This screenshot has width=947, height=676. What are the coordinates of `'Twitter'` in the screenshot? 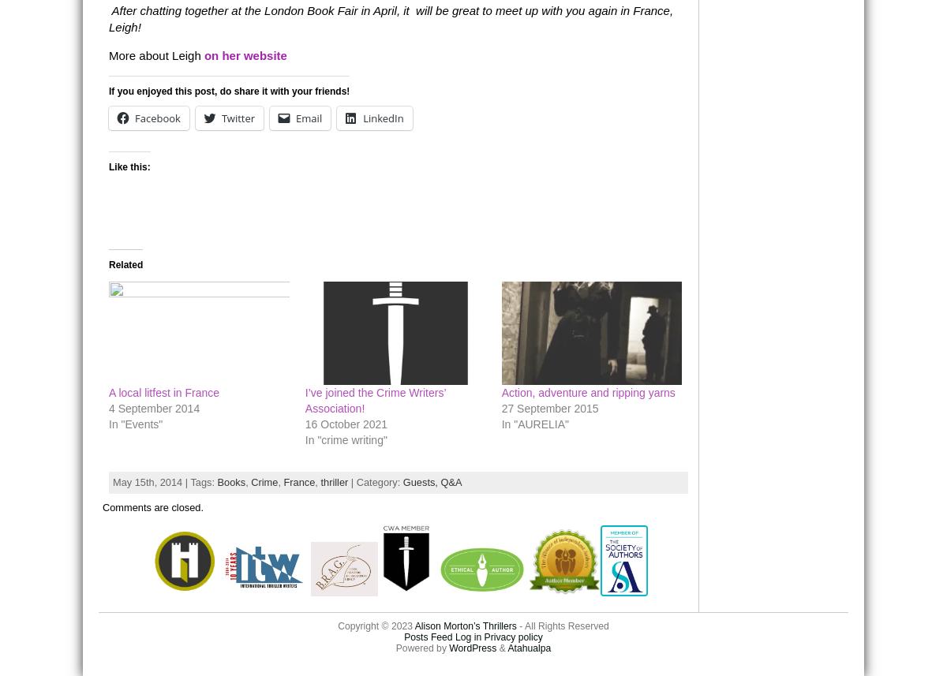 It's located at (238, 117).